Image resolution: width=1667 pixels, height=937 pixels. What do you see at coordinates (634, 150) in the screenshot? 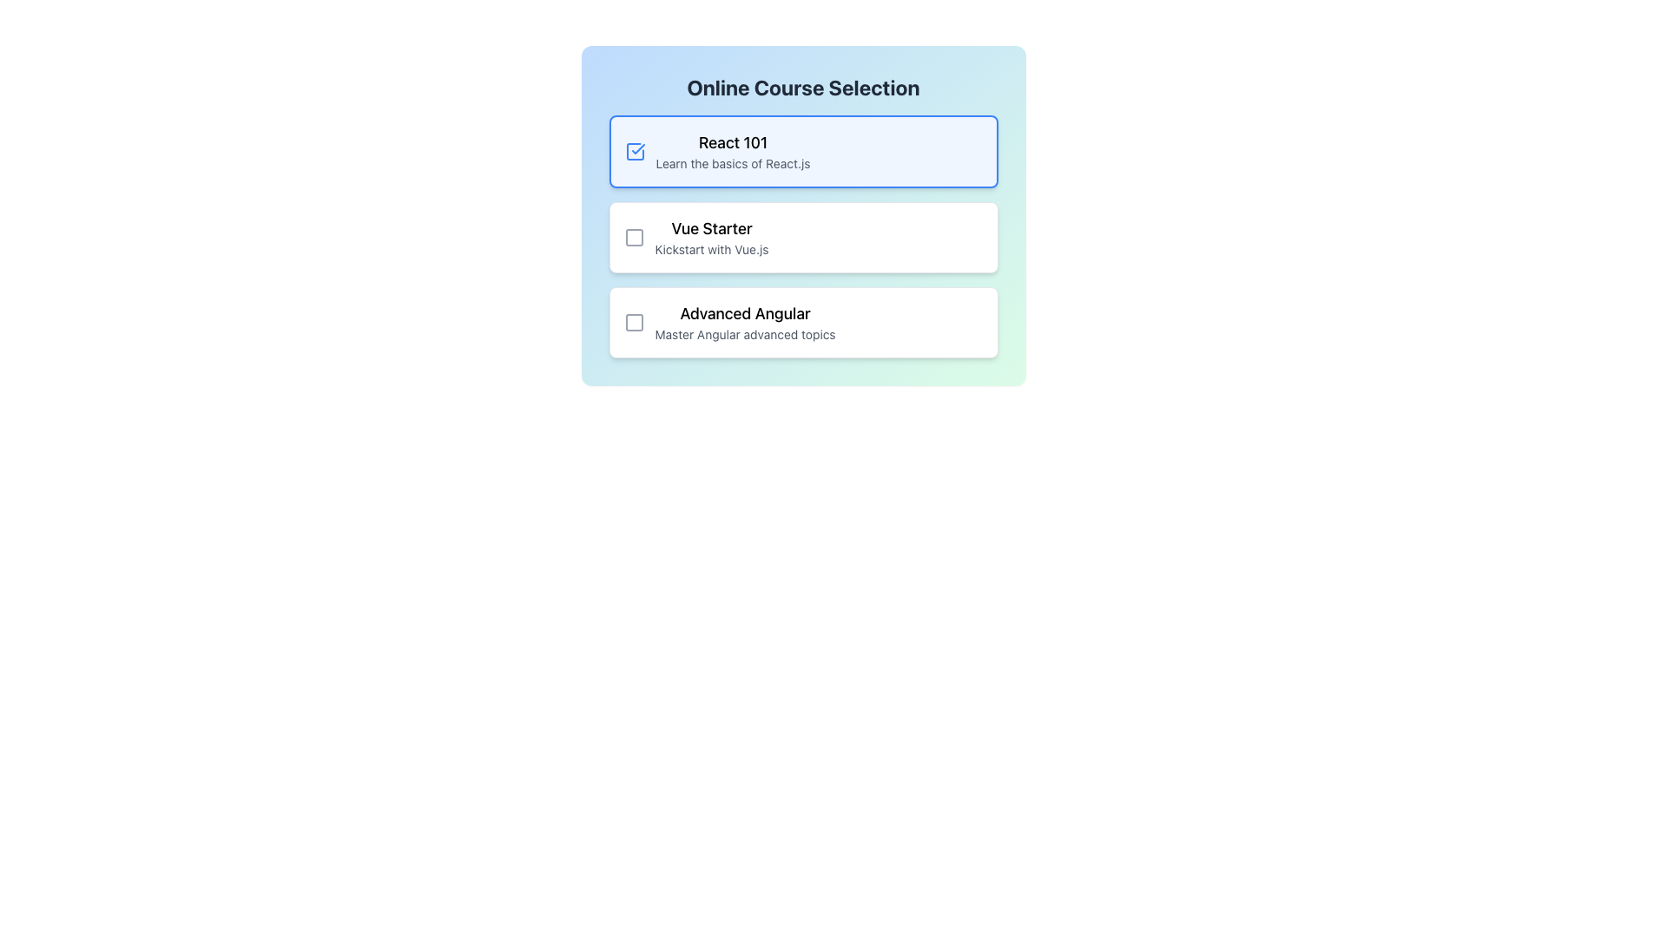
I see `the checkbox styled as a square with rounded corners, which is checked and located adjacent to the 'React 101' text` at bounding box center [634, 150].